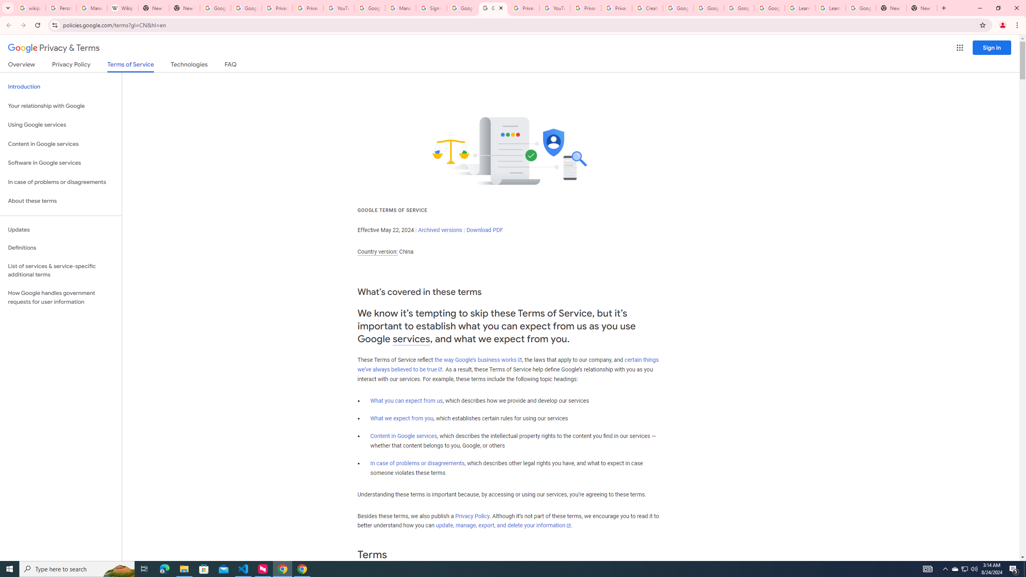 Image resolution: width=1026 pixels, height=577 pixels. What do you see at coordinates (647, 8) in the screenshot?
I see `'Create your Google Account'` at bounding box center [647, 8].